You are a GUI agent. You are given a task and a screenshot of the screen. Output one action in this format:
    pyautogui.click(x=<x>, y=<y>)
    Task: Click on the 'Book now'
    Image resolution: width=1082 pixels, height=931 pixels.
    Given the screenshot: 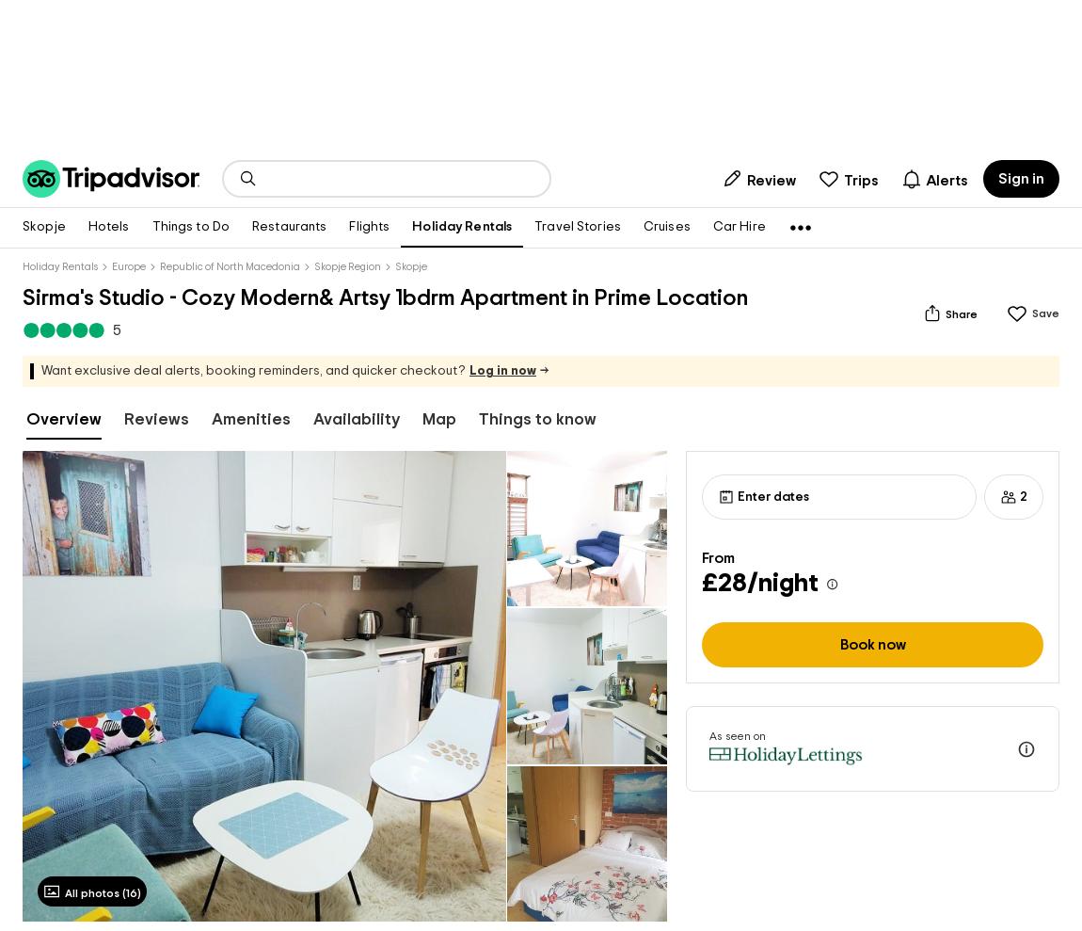 What is the action you would take?
    pyautogui.click(x=872, y=643)
    